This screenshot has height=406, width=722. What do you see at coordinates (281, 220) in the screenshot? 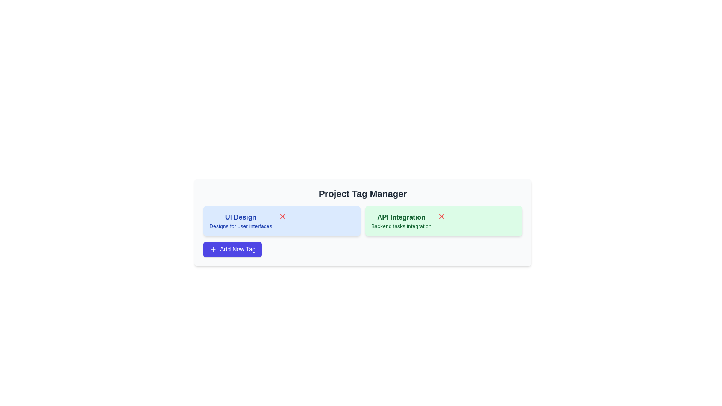
I see `the light blue card containing the text 'UI Design' and the red 'X' icon, which is the first card in a grid layout` at bounding box center [281, 220].